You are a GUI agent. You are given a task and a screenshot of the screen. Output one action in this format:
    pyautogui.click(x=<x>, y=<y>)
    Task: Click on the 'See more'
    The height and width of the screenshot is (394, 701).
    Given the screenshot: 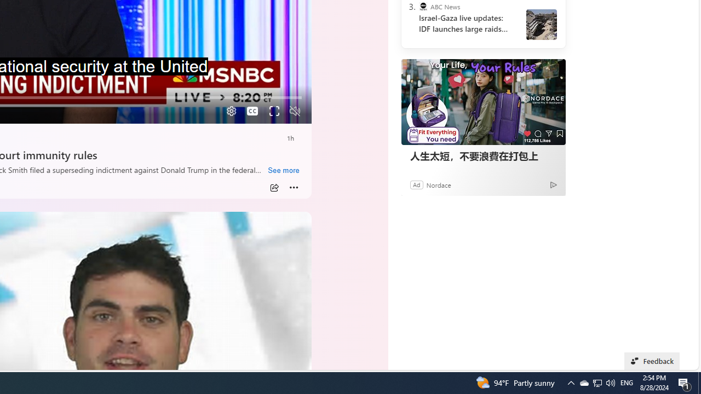 What is the action you would take?
    pyautogui.click(x=283, y=171)
    